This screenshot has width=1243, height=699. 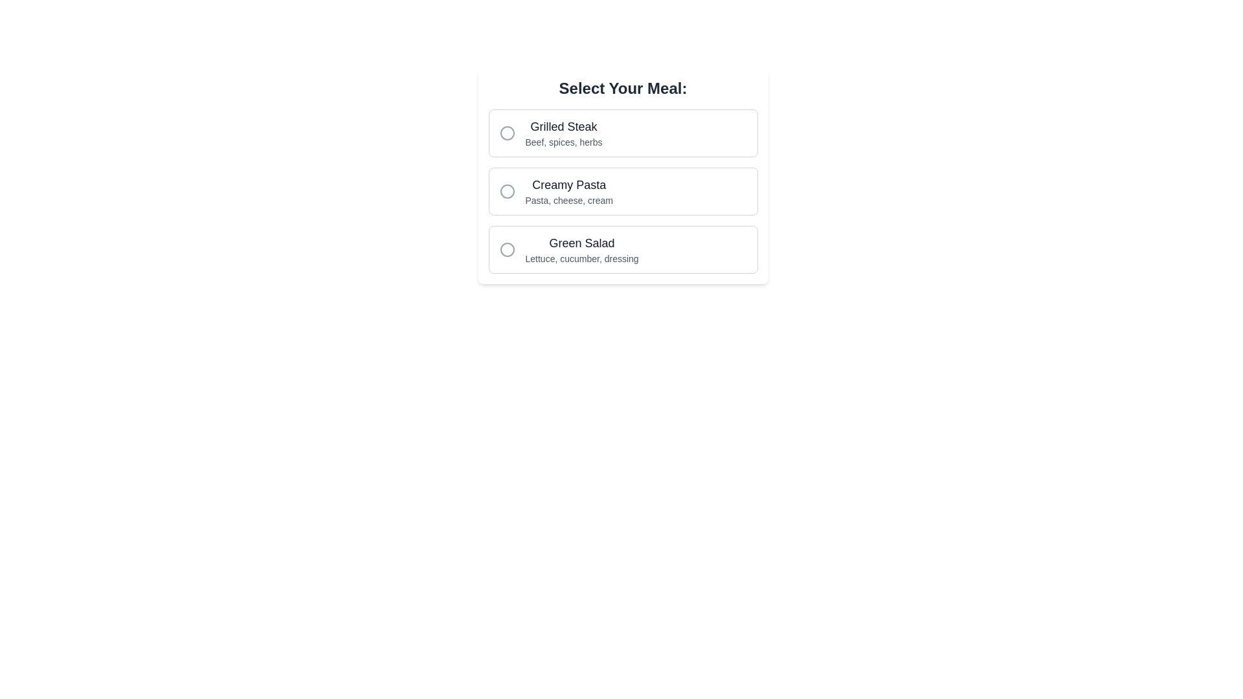 I want to click on the radio button for the meal option in the List of Radio Button Items, so click(x=623, y=192).